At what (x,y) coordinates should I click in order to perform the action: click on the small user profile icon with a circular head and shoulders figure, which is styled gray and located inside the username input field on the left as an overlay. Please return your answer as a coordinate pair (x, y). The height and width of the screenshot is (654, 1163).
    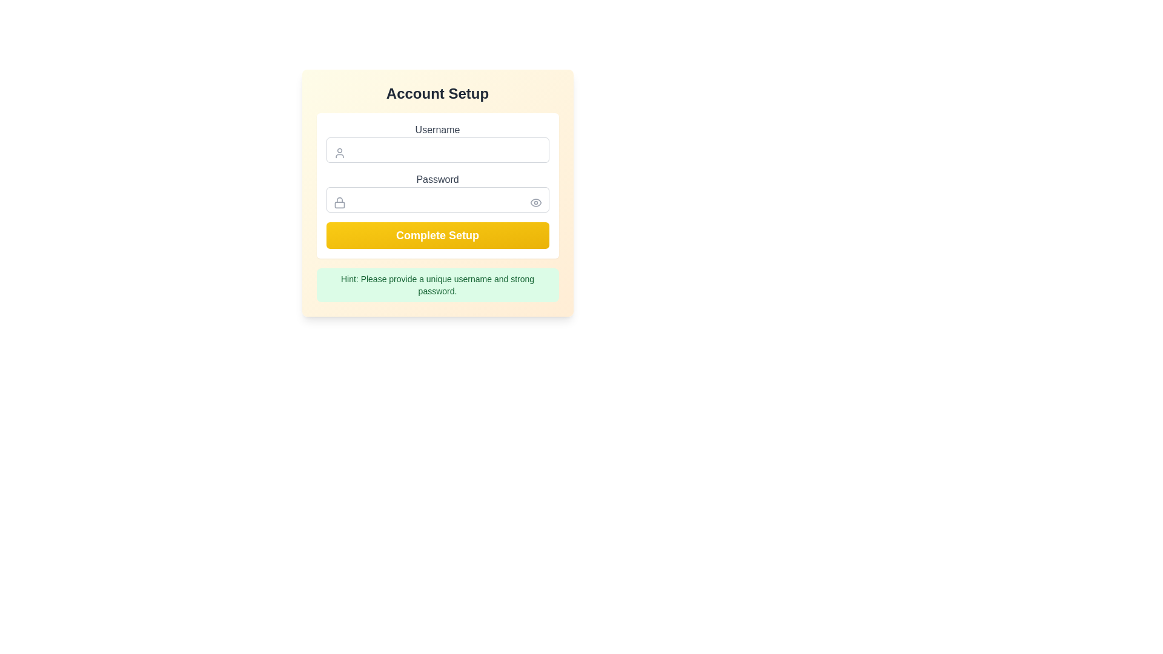
    Looking at the image, I should click on (339, 153).